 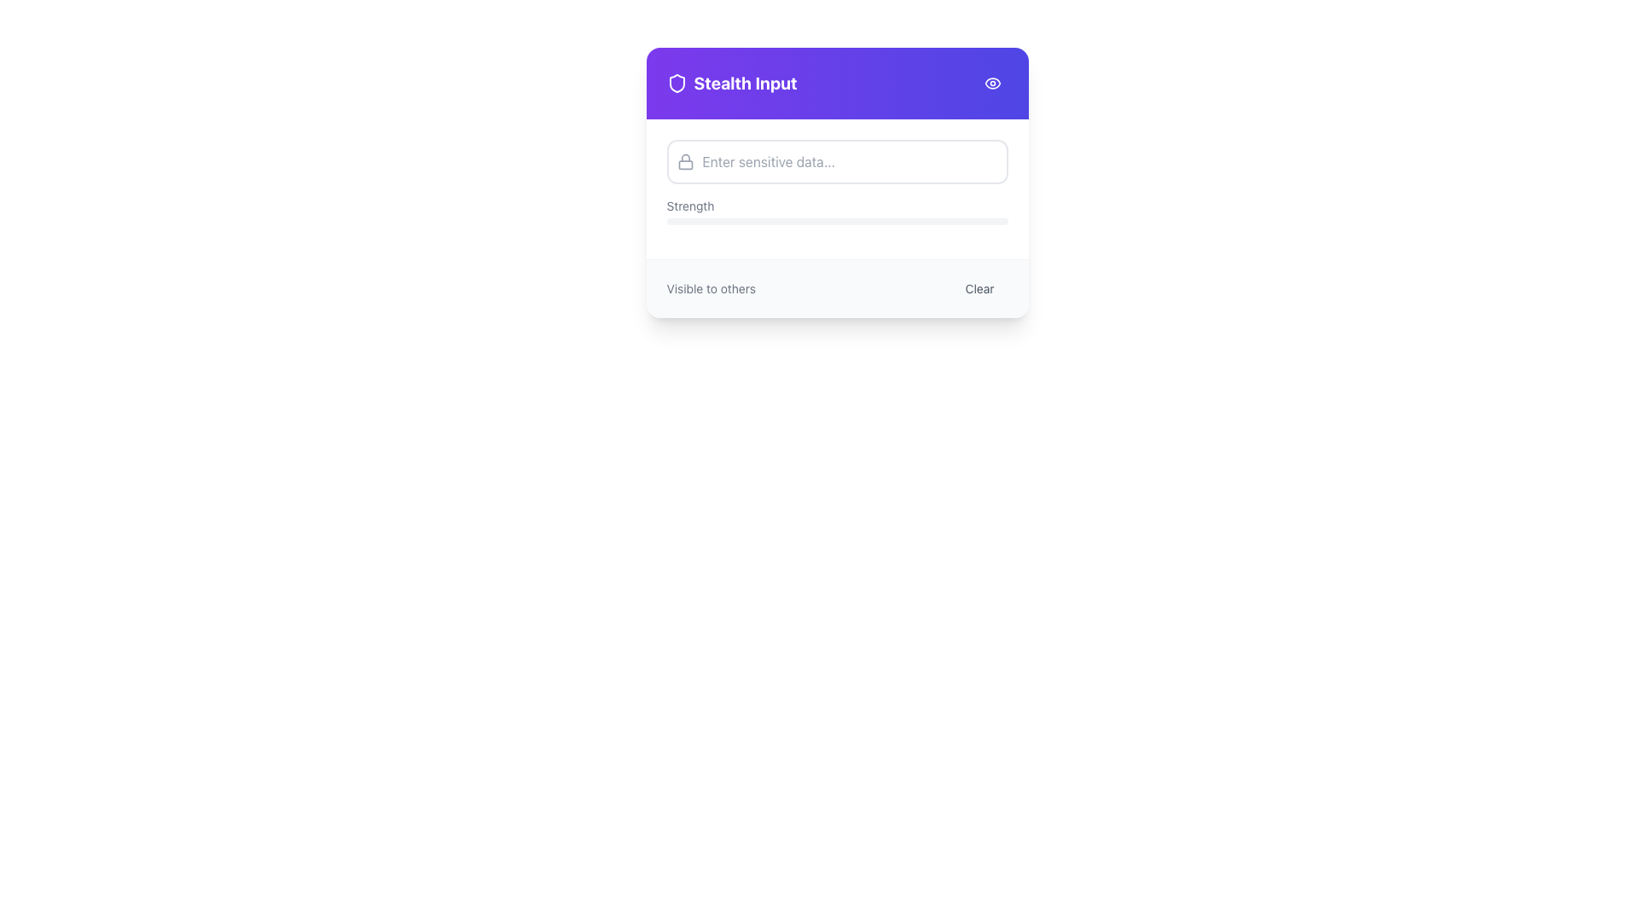 I want to click on the 'Clear' button, which is styled with a smaller font and muted gray color, so click(x=979, y=288).